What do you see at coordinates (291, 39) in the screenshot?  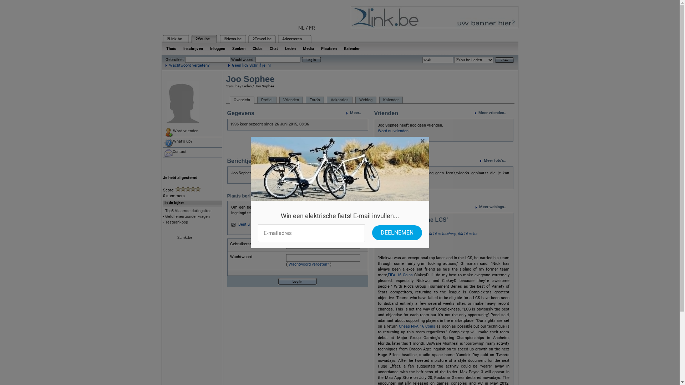 I see `'Adverteren'` at bounding box center [291, 39].